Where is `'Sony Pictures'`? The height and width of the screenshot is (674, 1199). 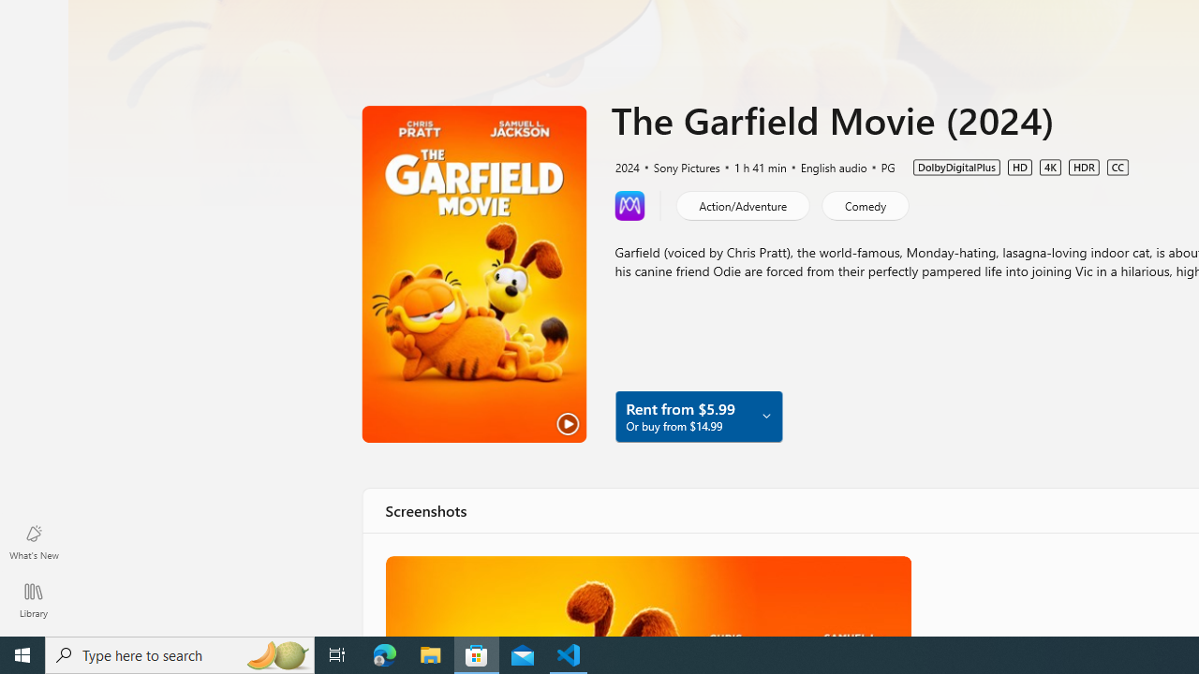
'Sony Pictures' is located at coordinates (677, 166).